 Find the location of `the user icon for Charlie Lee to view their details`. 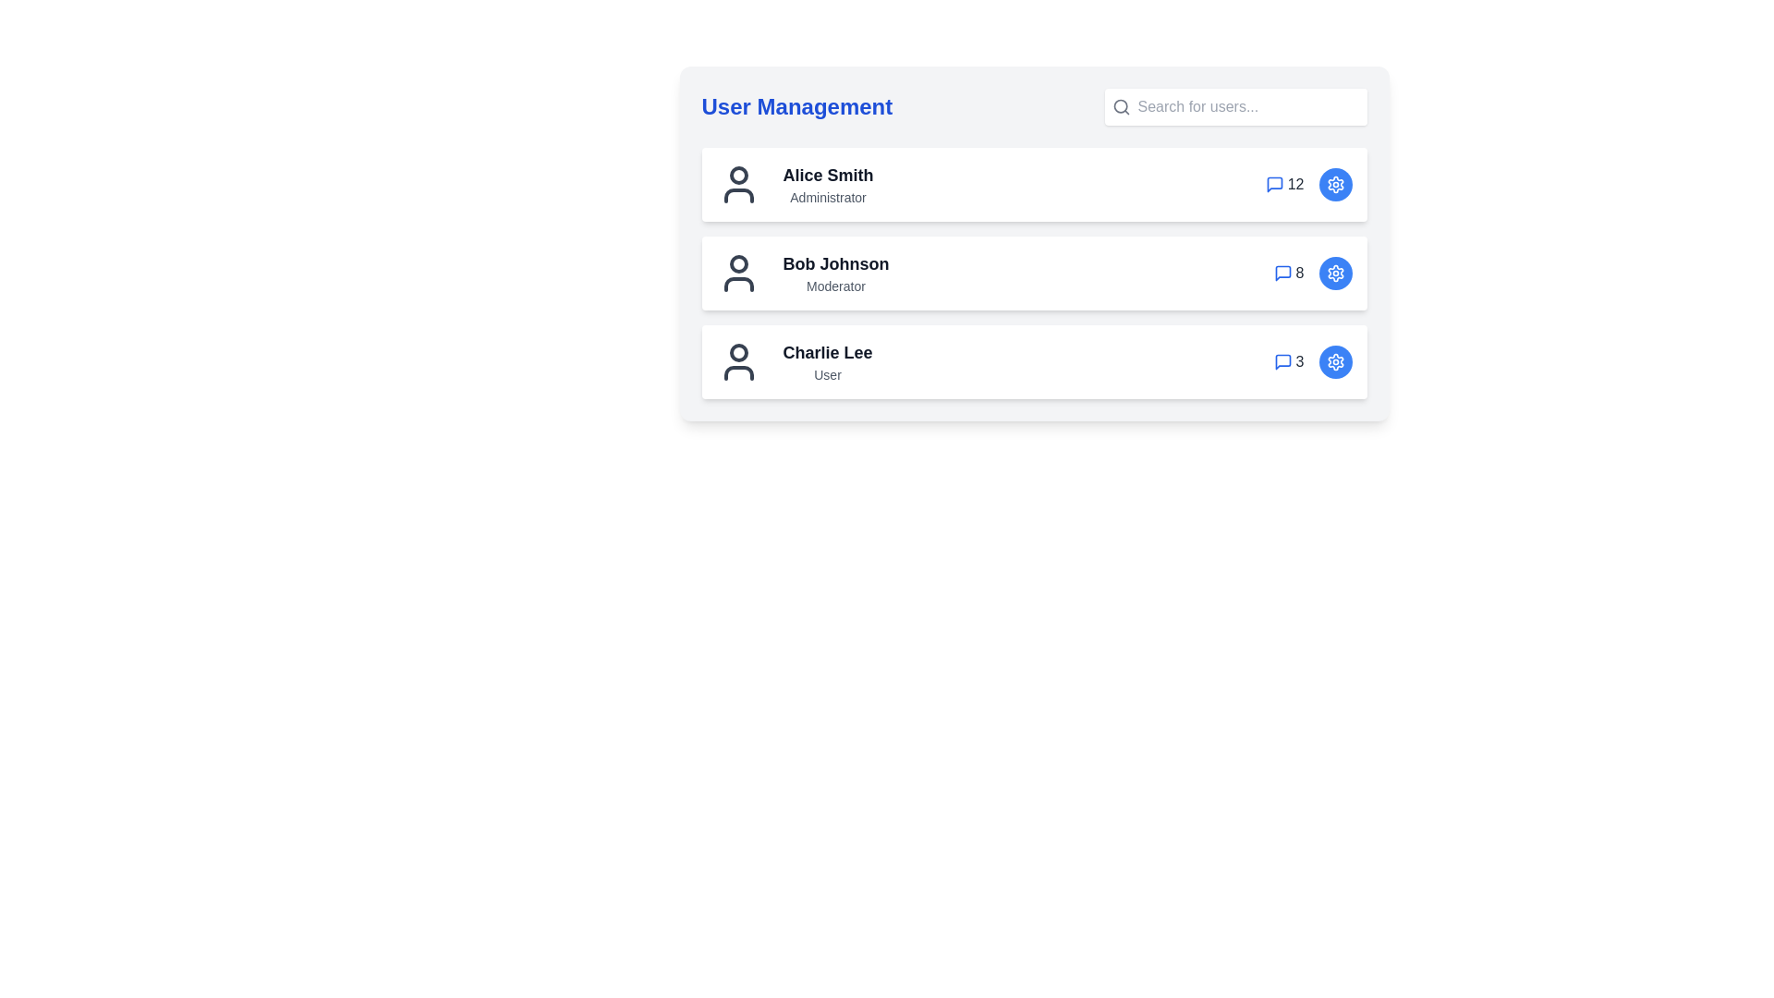

the user icon for Charlie Lee to view their details is located at coordinates (737, 362).